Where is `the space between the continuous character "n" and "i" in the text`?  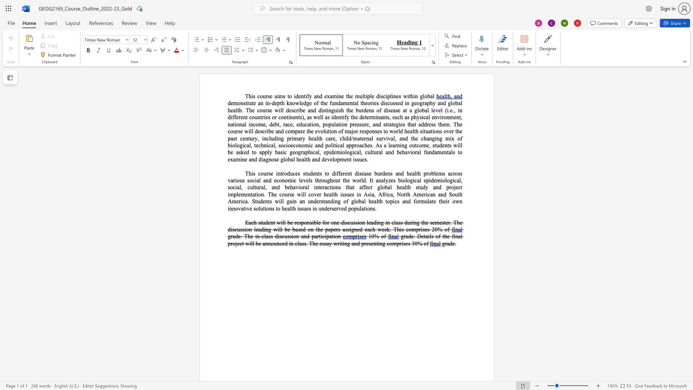 the space between the continuous character "n" and "i" in the text is located at coordinates (399, 145).